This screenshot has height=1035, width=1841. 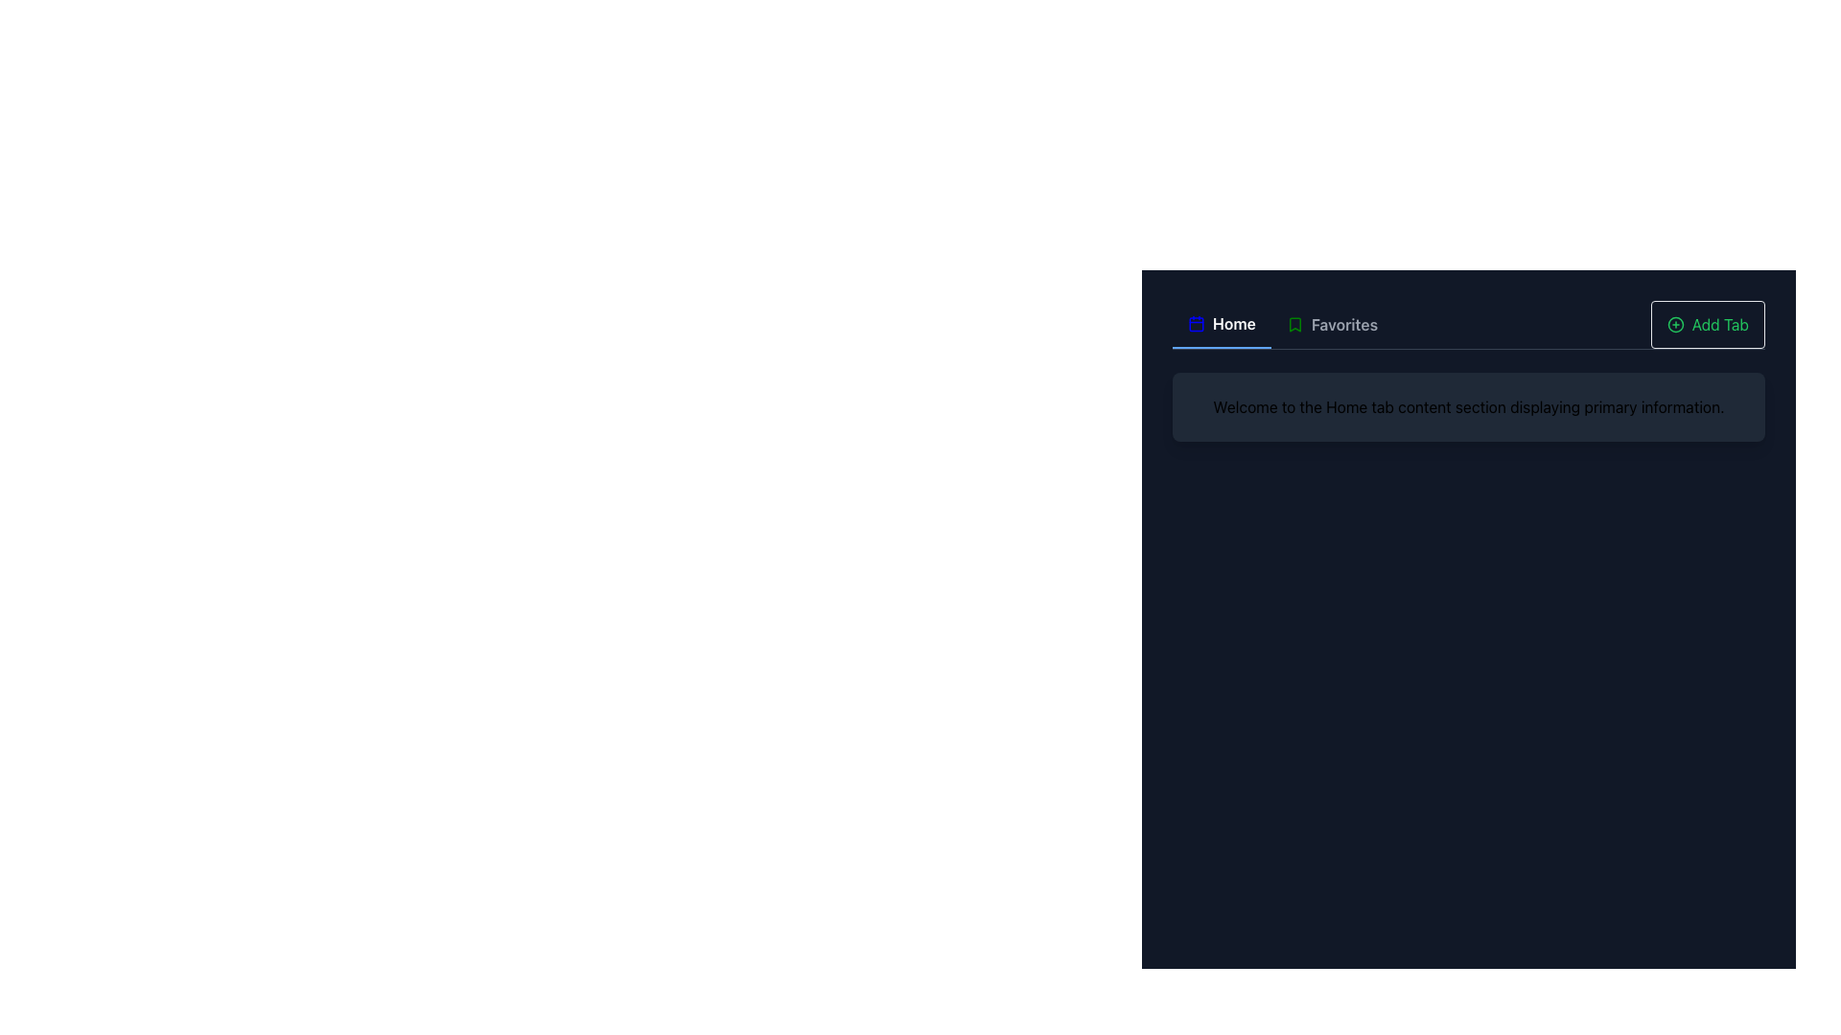 What do you see at coordinates (1343, 324) in the screenshot?
I see `text label that describes the function of the bookmark icon, located in the top navigation bar to the right of the green bookmark icon` at bounding box center [1343, 324].